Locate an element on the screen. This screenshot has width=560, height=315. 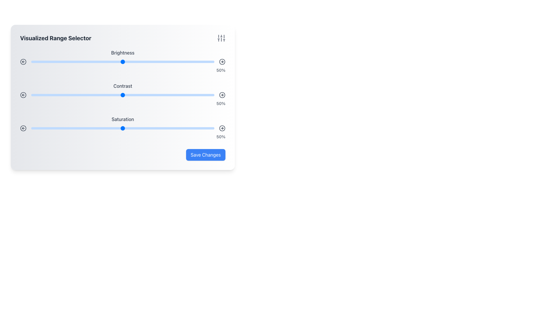
the slider value is located at coordinates (135, 128).